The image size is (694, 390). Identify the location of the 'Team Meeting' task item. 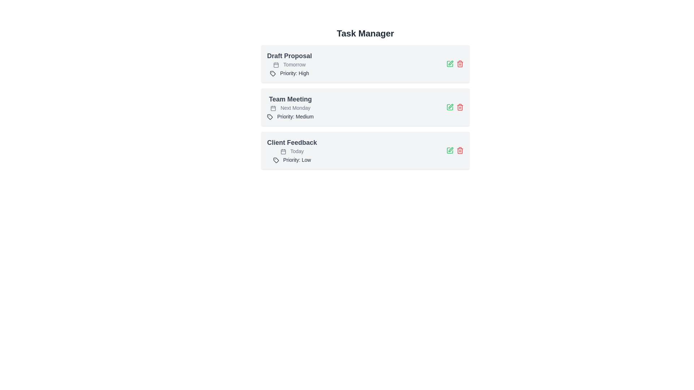
(365, 99).